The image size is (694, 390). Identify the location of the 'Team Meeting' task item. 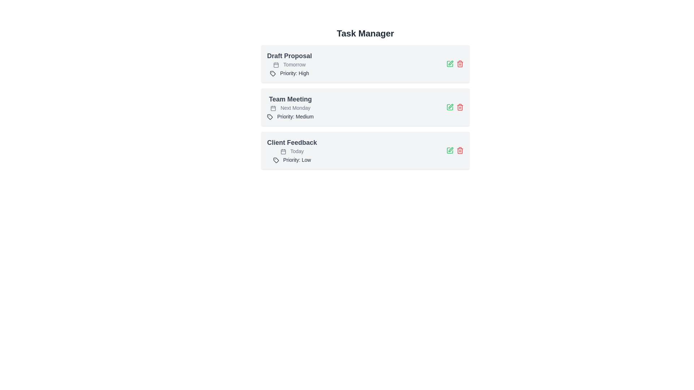
(365, 99).